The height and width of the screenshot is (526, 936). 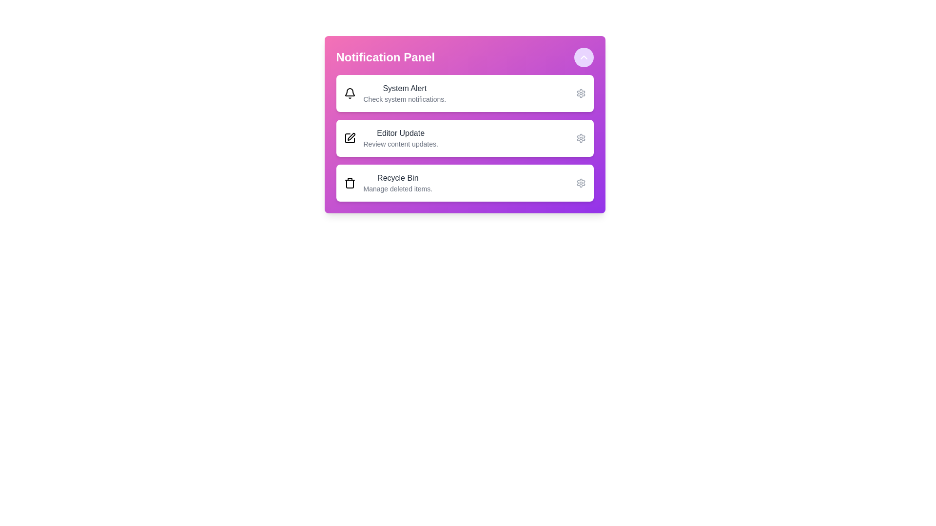 I want to click on the notification item System Alert to observe the hover effect, so click(x=464, y=94).